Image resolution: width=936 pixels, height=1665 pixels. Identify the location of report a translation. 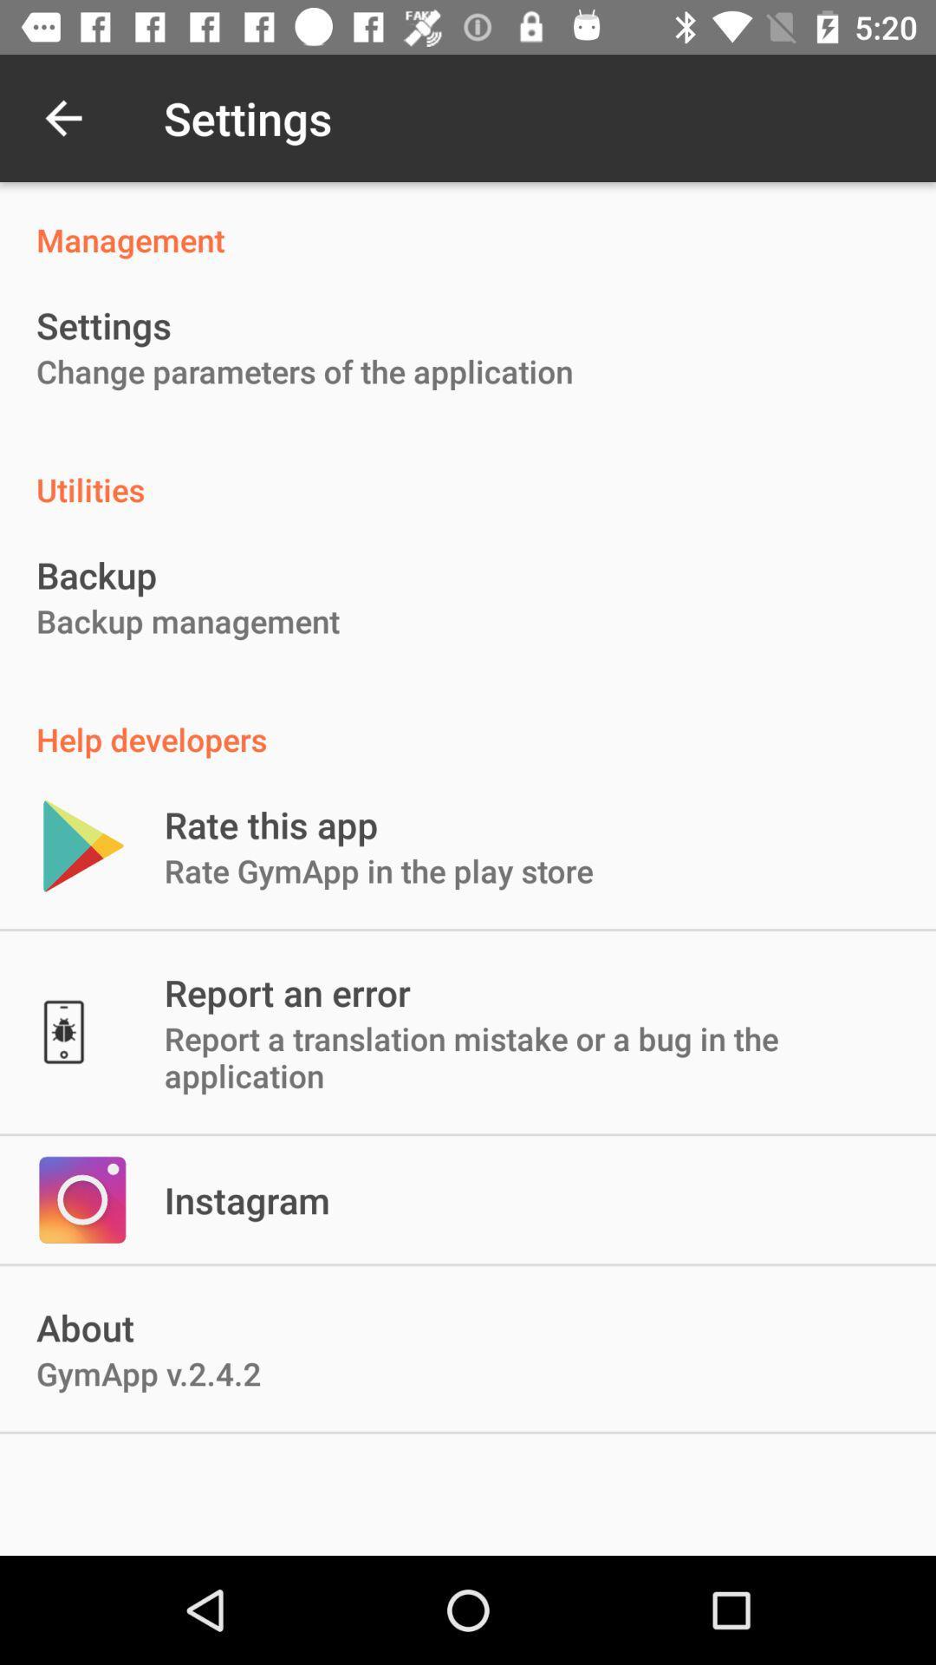
(530, 1056).